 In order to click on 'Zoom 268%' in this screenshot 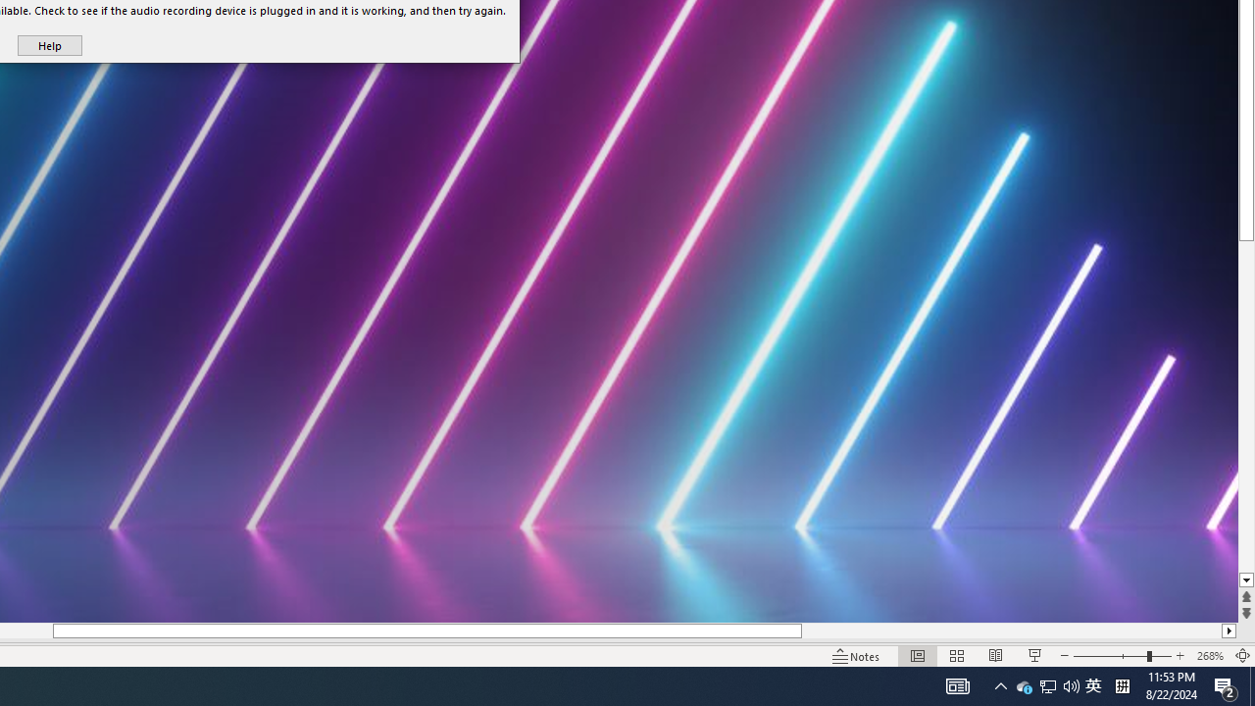, I will do `click(1209, 656)`.